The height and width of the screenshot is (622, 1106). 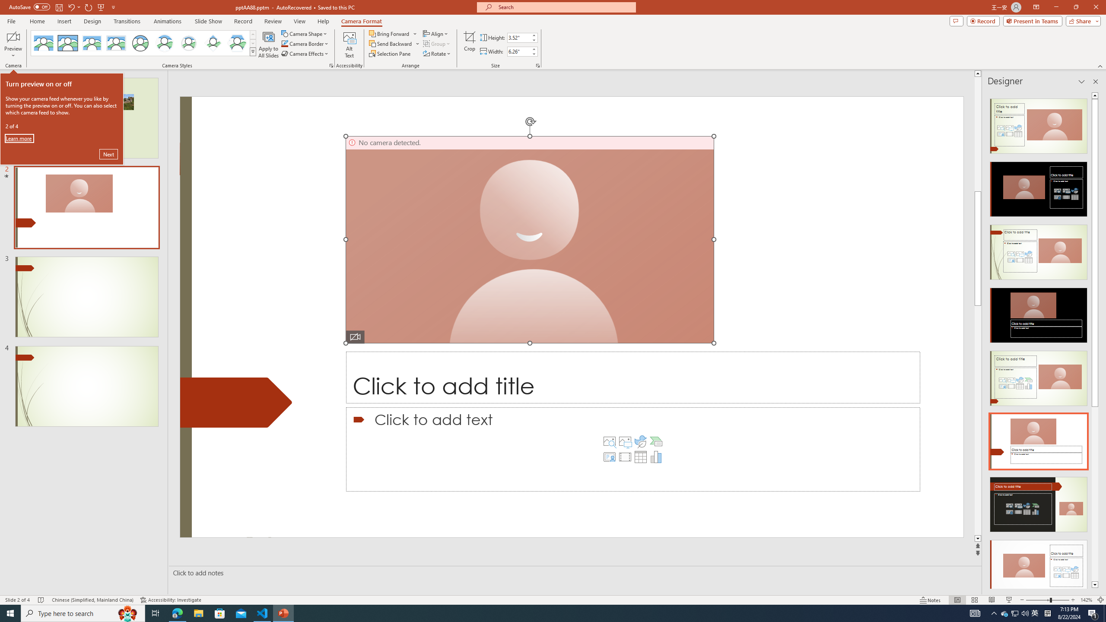 What do you see at coordinates (1087, 600) in the screenshot?
I see `'Zoom 142%'` at bounding box center [1087, 600].